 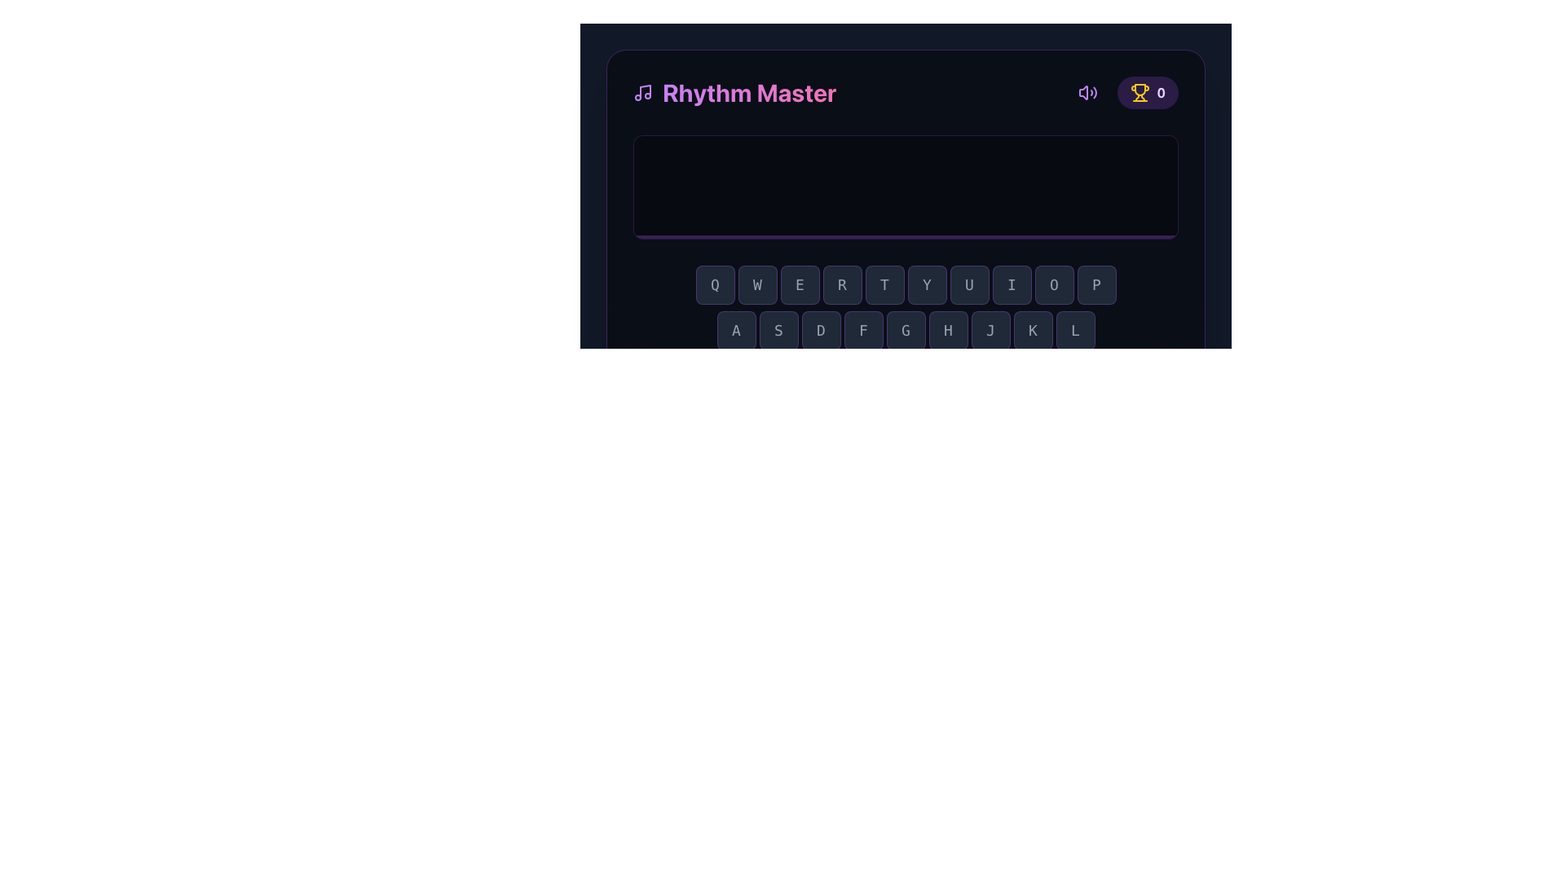 What do you see at coordinates (969, 284) in the screenshot?
I see `the virtual keyboard button representing the letter 'U' to input the character 'U'` at bounding box center [969, 284].